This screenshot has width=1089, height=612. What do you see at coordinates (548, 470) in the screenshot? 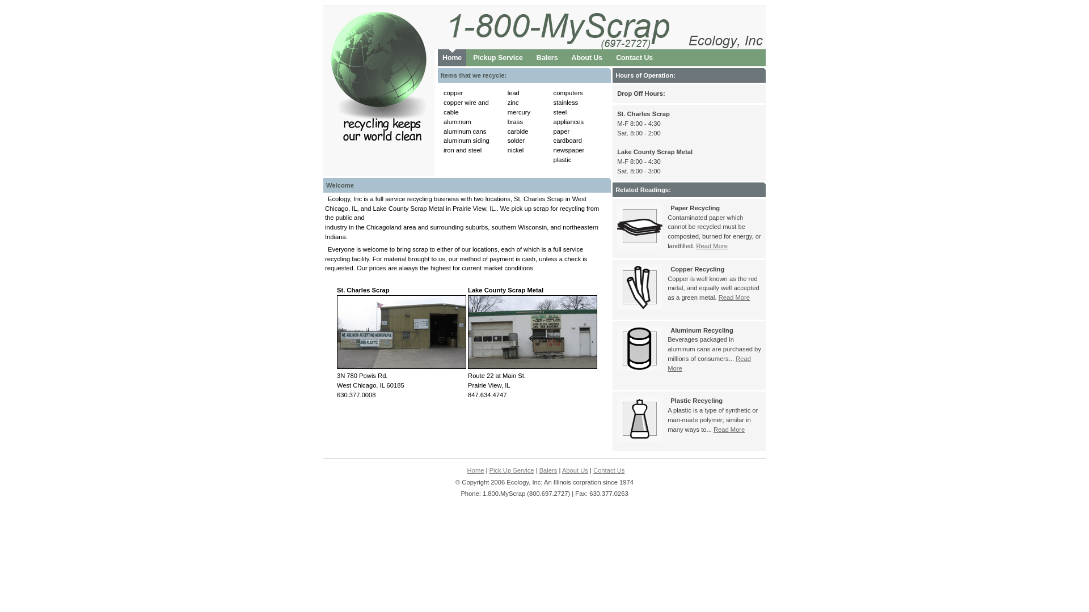
I see `'Balers'` at bounding box center [548, 470].